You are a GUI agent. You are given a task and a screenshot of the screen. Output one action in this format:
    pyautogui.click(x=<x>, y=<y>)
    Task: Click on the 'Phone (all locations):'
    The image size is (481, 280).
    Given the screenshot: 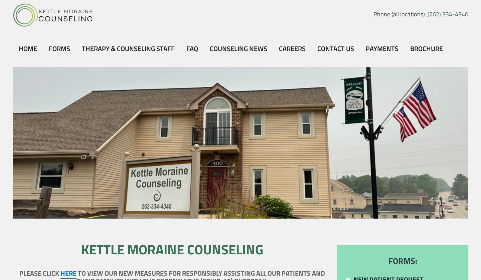 What is the action you would take?
    pyautogui.click(x=400, y=14)
    